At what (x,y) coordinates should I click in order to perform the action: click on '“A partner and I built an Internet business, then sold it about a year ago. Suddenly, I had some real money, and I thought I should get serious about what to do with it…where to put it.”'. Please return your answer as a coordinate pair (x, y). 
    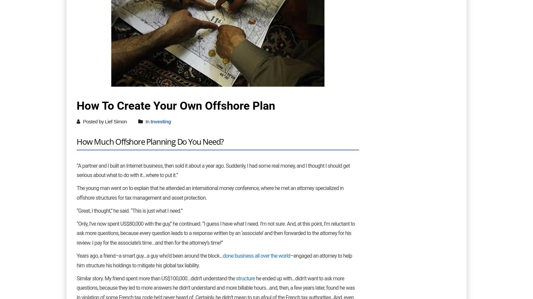
    Looking at the image, I should click on (213, 170).